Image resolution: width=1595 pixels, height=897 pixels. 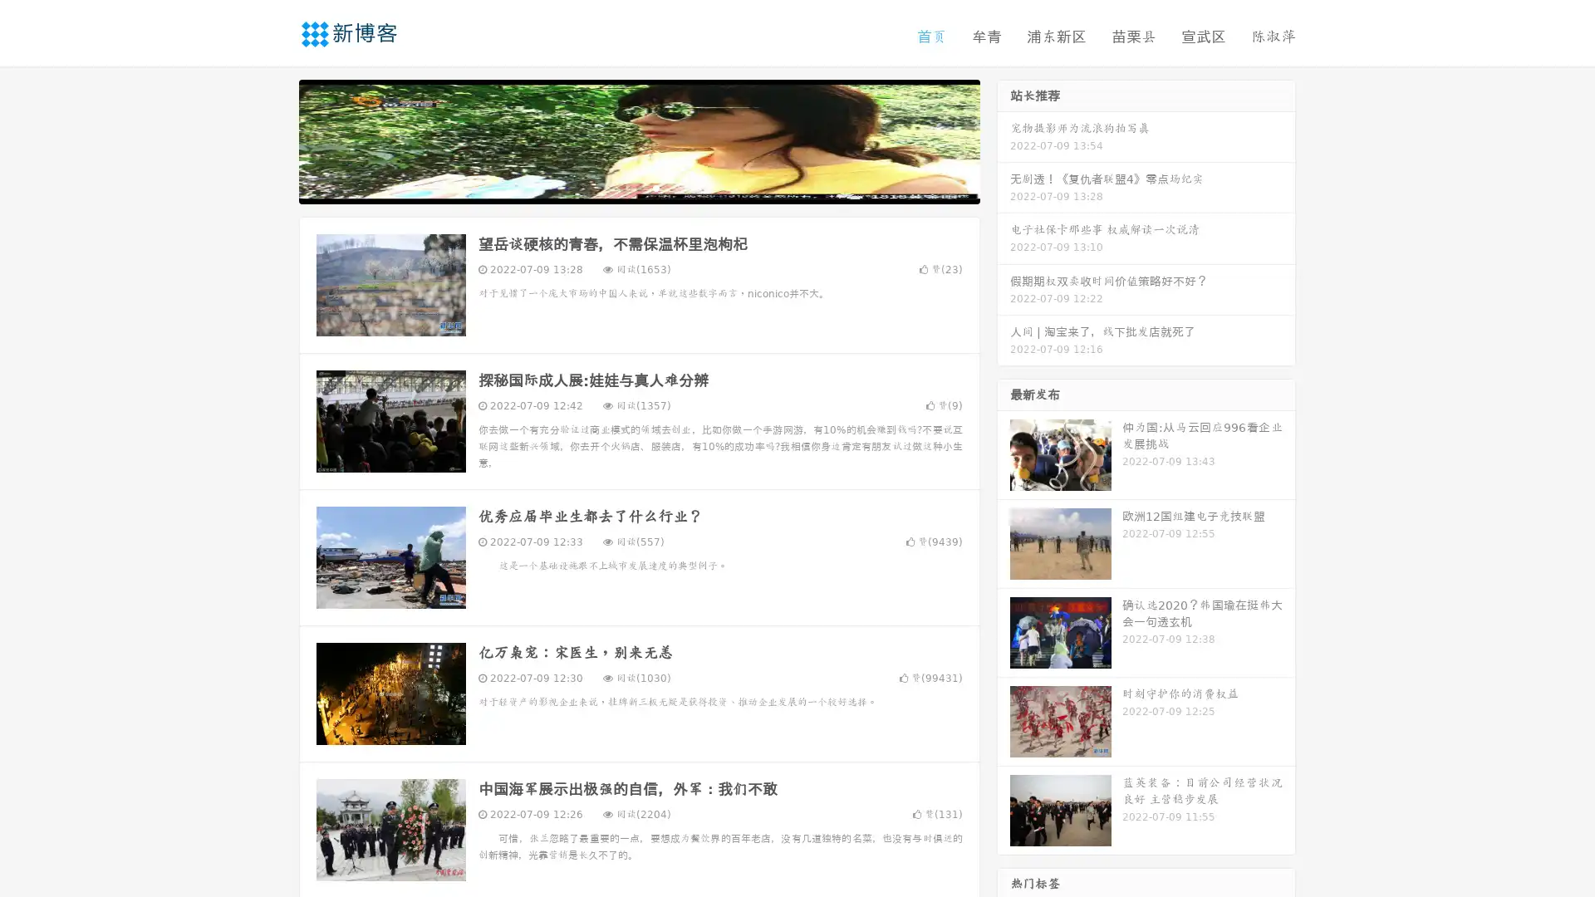 What do you see at coordinates (655, 187) in the screenshot?
I see `Go to slide 3` at bounding box center [655, 187].